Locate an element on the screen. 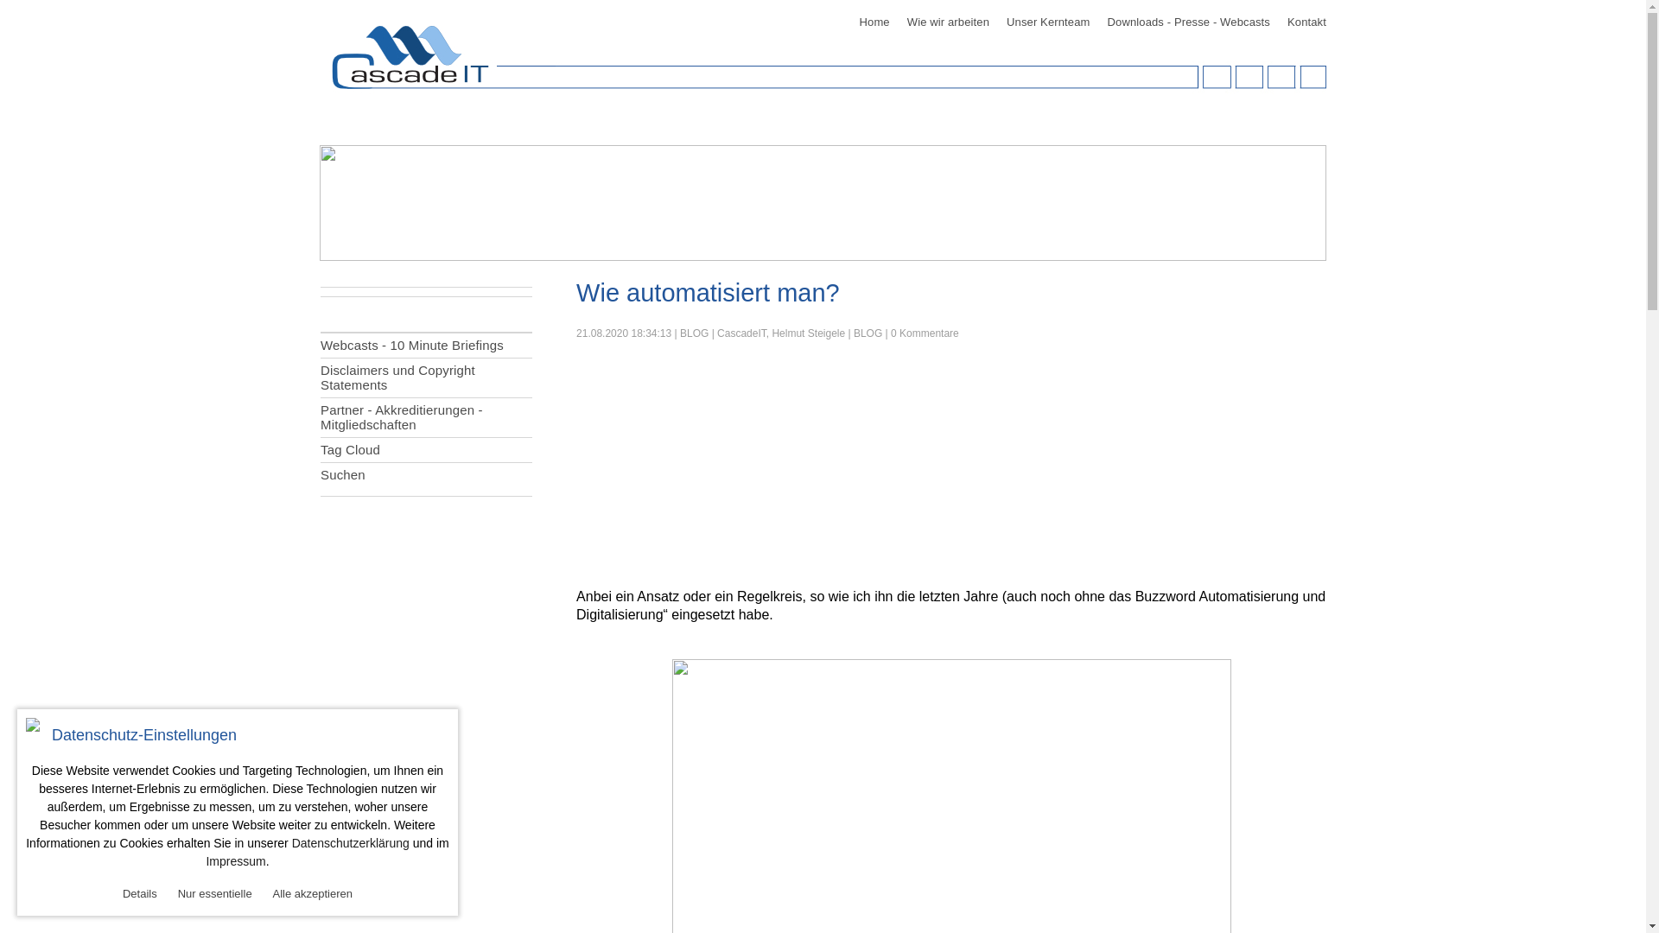  'Downloads - Presse - Webcasts' is located at coordinates (1188, 22).